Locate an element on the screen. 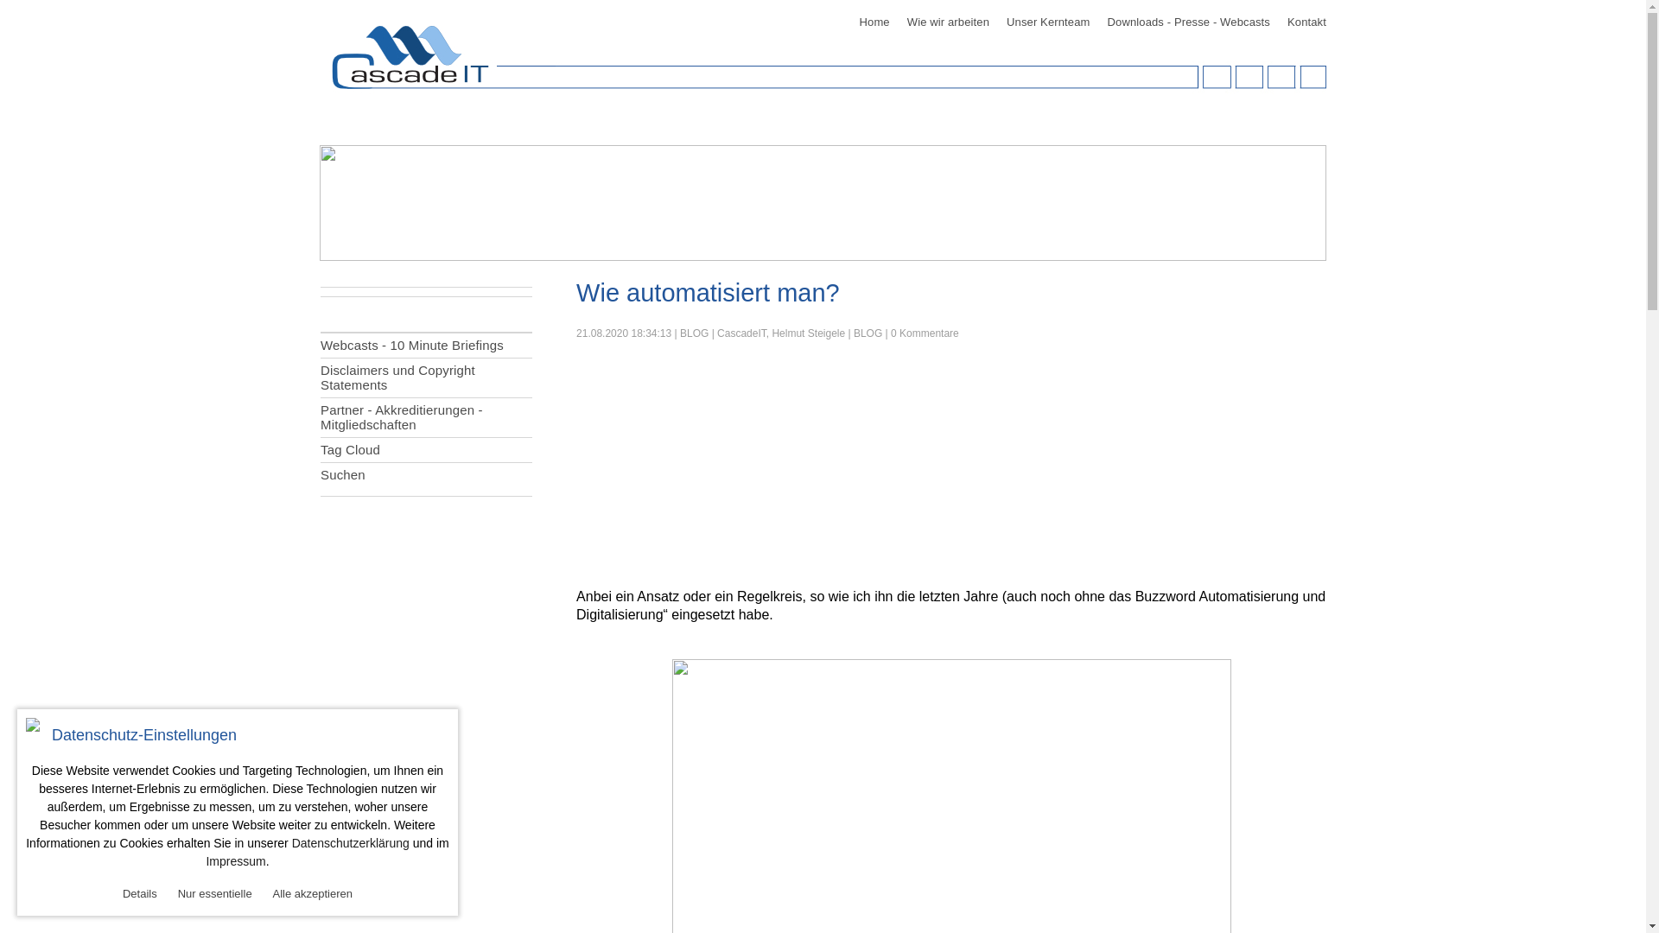  'Downloads - Presse - Webcasts' is located at coordinates (1188, 22).